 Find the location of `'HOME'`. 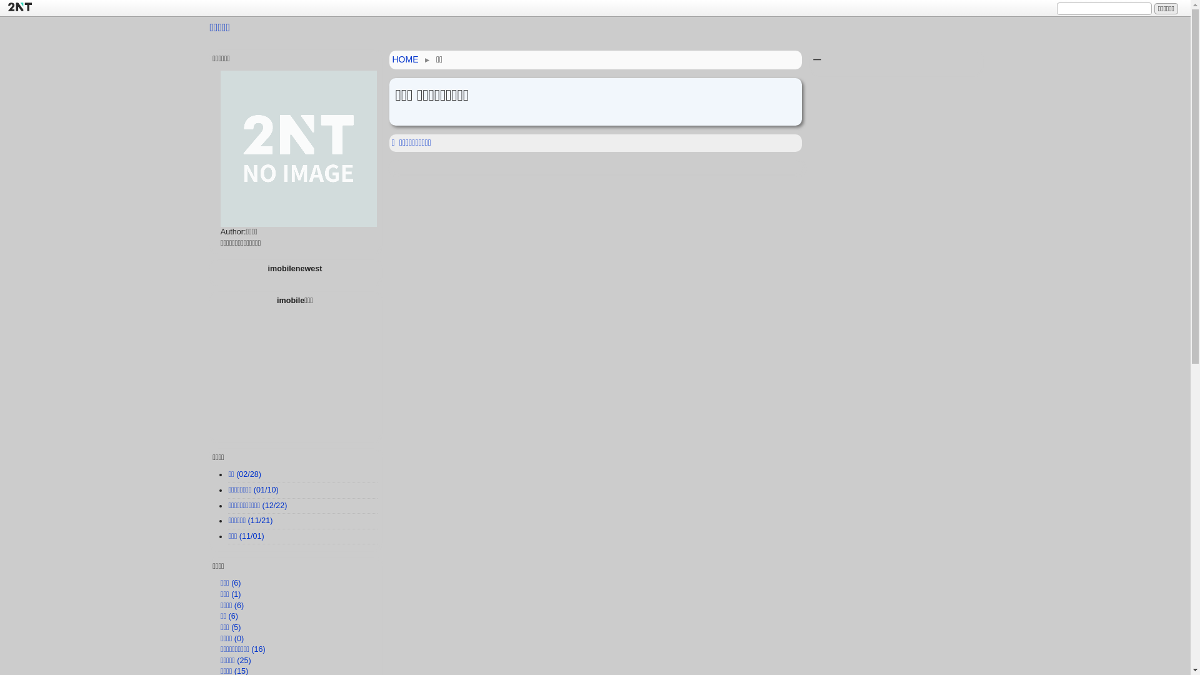

'HOME' is located at coordinates (405, 59).